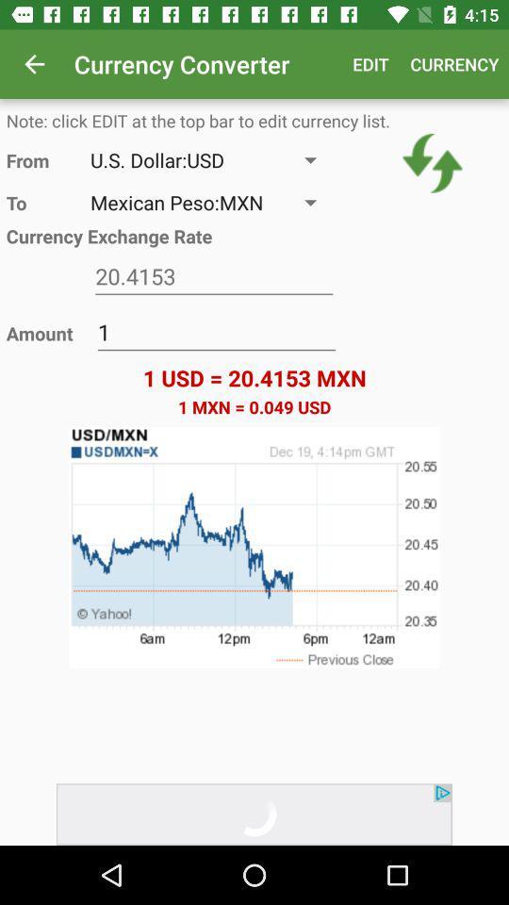 The width and height of the screenshot is (509, 905). I want to click on item above the note click edit icon, so click(34, 64).